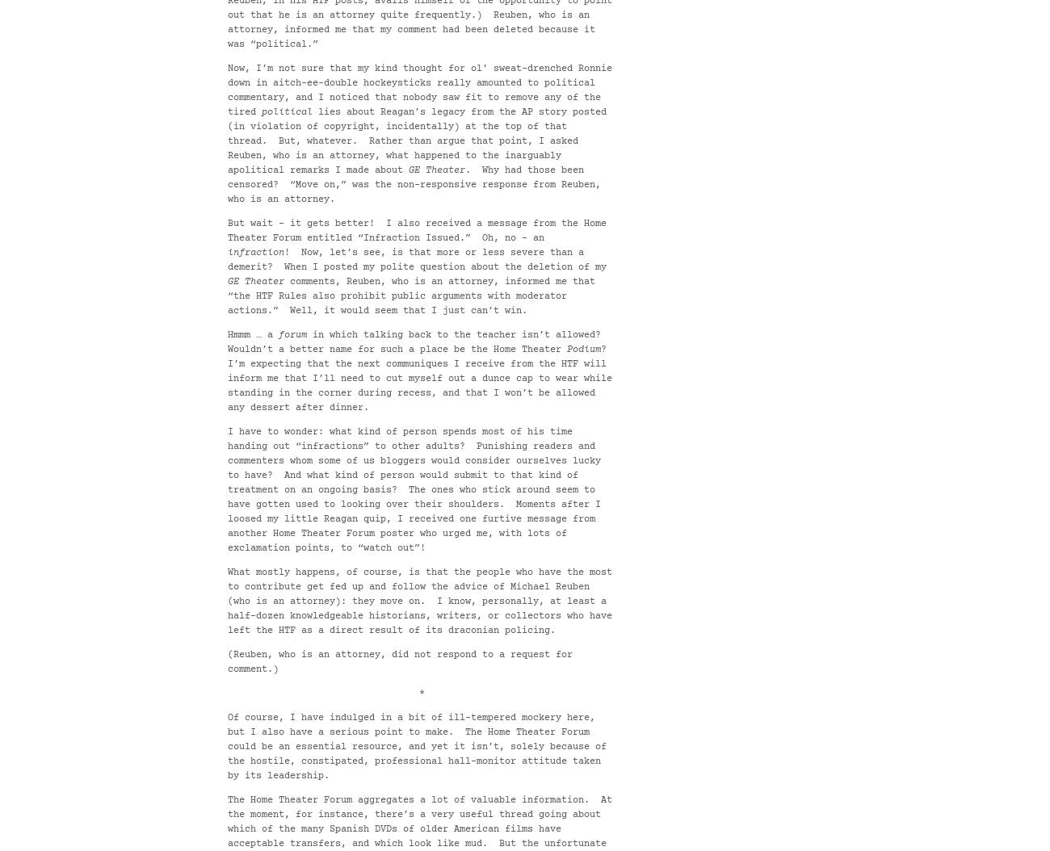 The image size is (1050, 851). What do you see at coordinates (421, 694) in the screenshot?
I see `'*'` at bounding box center [421, 694].